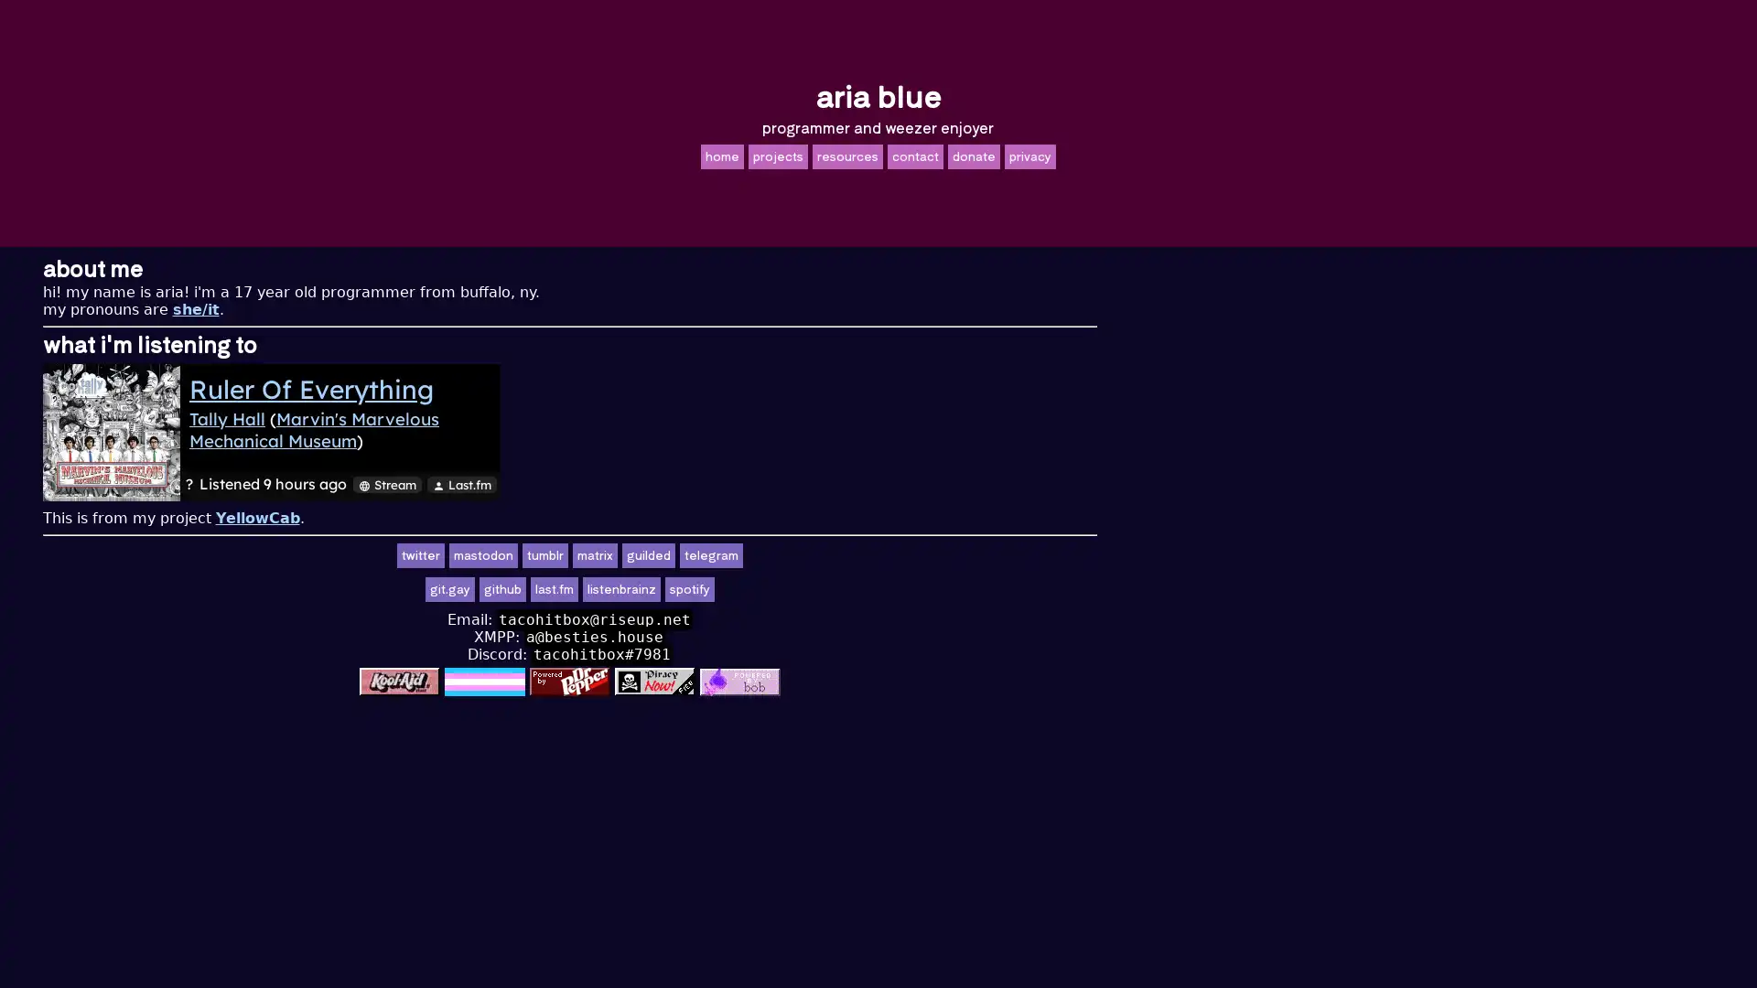  Describe the element at coordinates (1029, 155) in the screenshot. I see `privacy` at that location.